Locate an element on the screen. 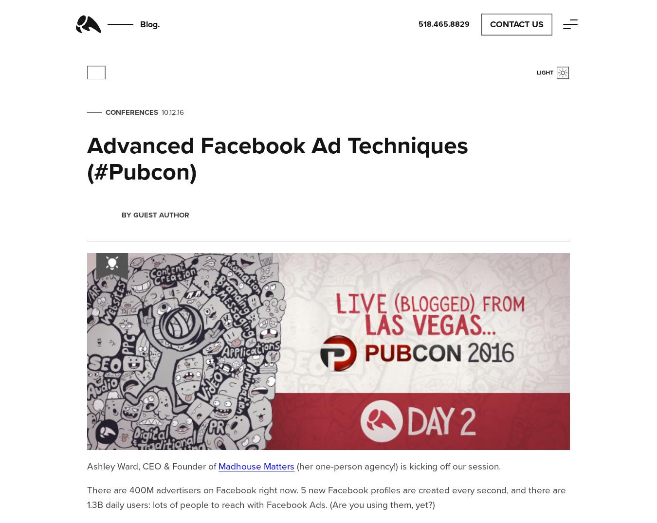 Image resolution: width=657 pixels, height=523 pixels. '@dennisyu' is located at coordinates (171, 89).